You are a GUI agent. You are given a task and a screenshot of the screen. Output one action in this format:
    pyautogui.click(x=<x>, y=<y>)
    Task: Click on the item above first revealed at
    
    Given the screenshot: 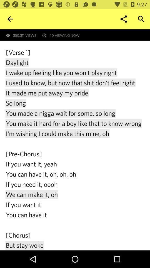 What is the action you would take?
    pyautogui.click(x=141, y=19)
    